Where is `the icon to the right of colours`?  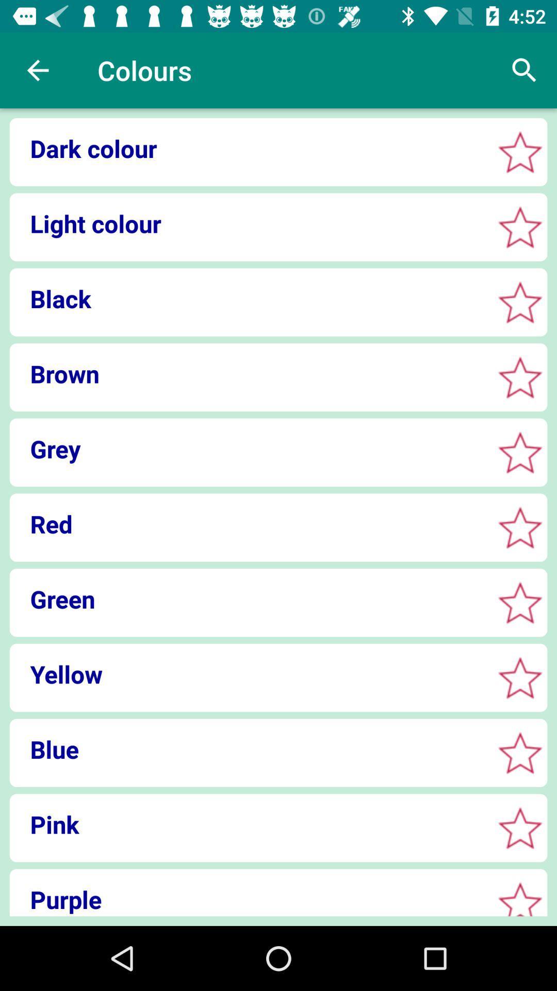
the icon to the right of colours is located at coordinates (525, 70).